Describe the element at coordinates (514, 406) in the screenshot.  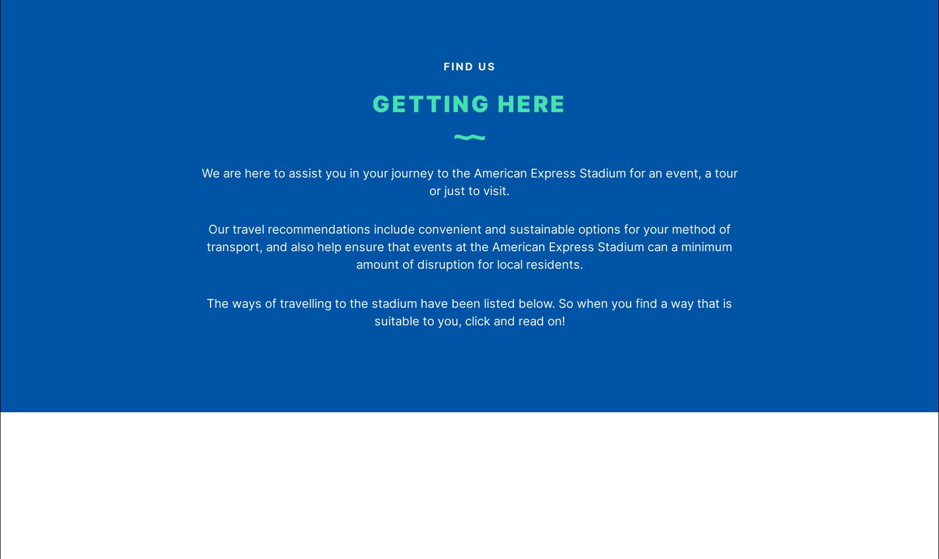
I see `'. All rights reserved.'` at that location.